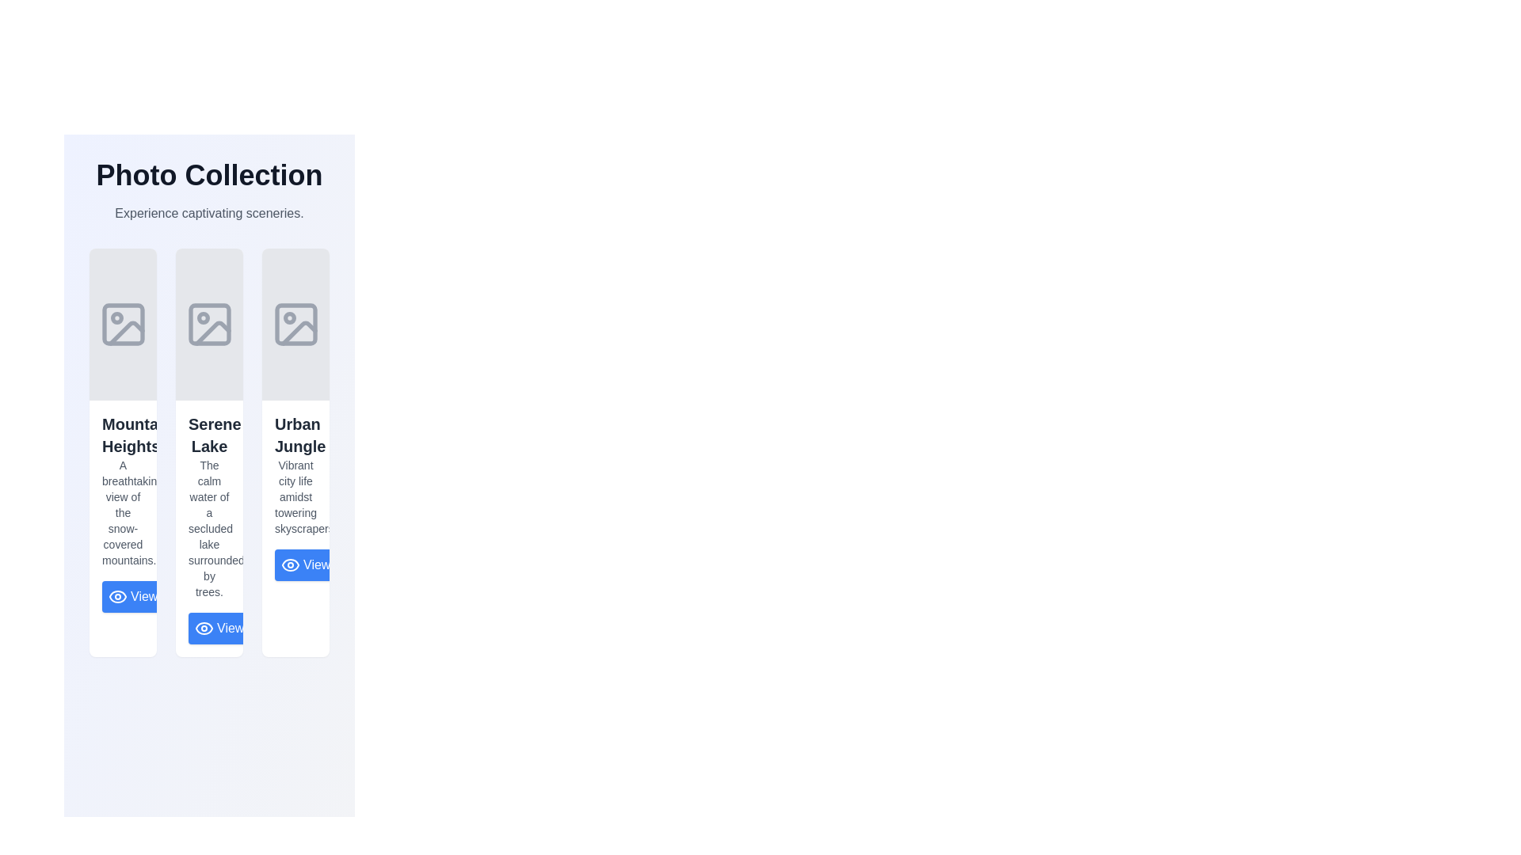 Image resolution: width=1521 pixels, height=855 pixels. I want to click on the black arrow-like graphical icon pointing to the top-right, located in the middle of a vertical triplet arrangement of icons, above the text 'Serene Lake', so click(212, 332).